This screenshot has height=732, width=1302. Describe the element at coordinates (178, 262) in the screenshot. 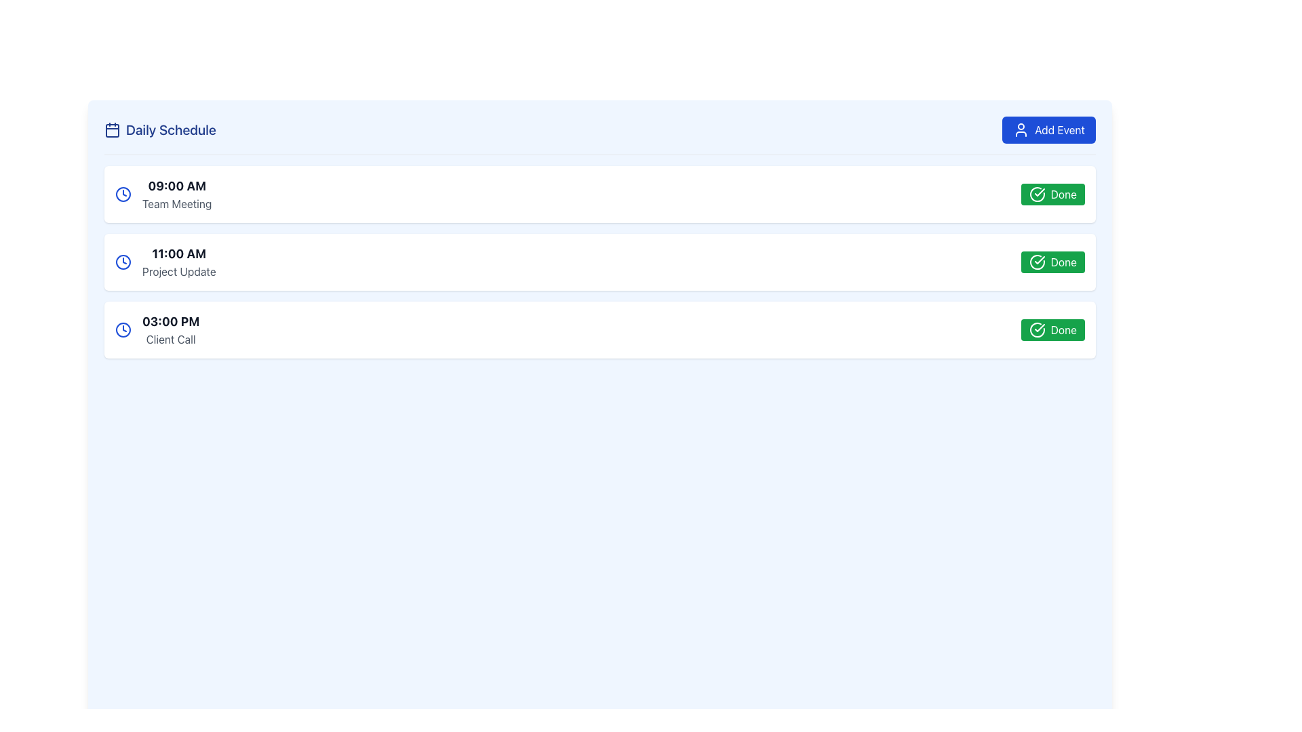

I see `the List Item displaying '11:00 AM' and 'Project Update'` at that location.